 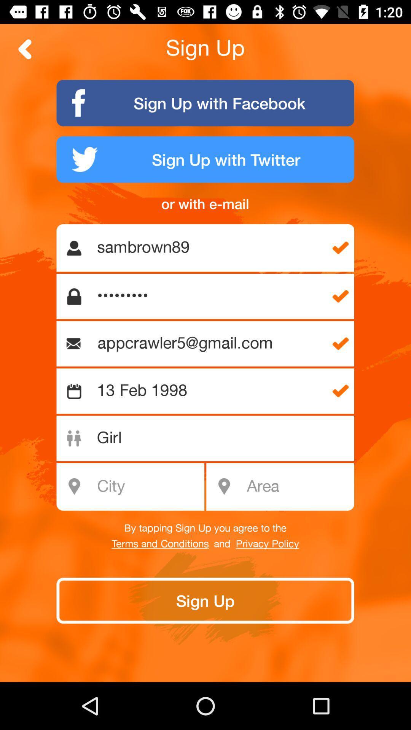 What do you see at coordinates (209, 438) in the screenshot?
I see `the girl` at bounding box center [209, 438].